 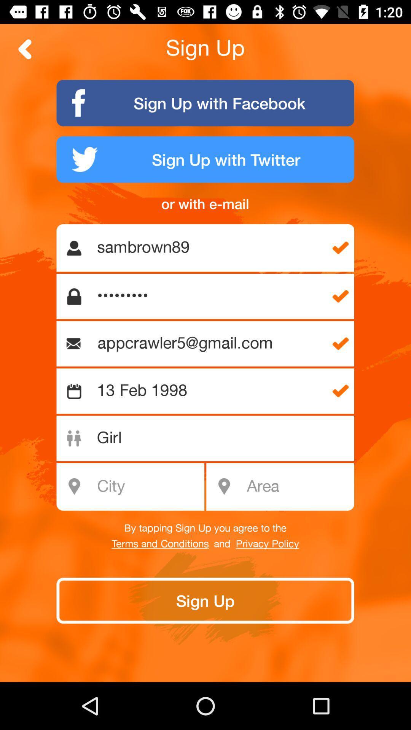 What do you see at coordinates (209, 438) in the screenshot?
I see `the girl` at bounding box center [209, 438].